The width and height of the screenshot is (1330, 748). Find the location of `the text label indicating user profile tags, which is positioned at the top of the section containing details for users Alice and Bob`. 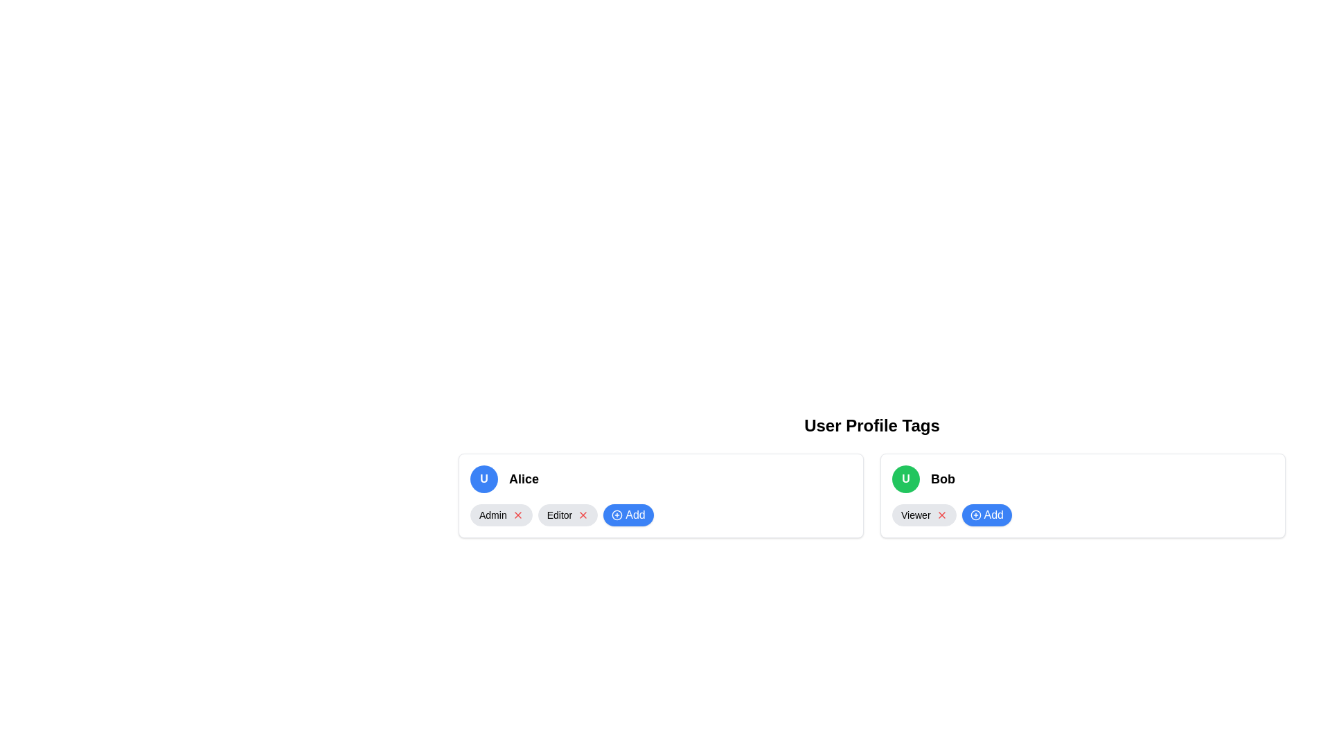

the text label indicating user profile tags, which is positioned at the top of the section containing details for users Alice and Bob is located at coordinates (871, 425).